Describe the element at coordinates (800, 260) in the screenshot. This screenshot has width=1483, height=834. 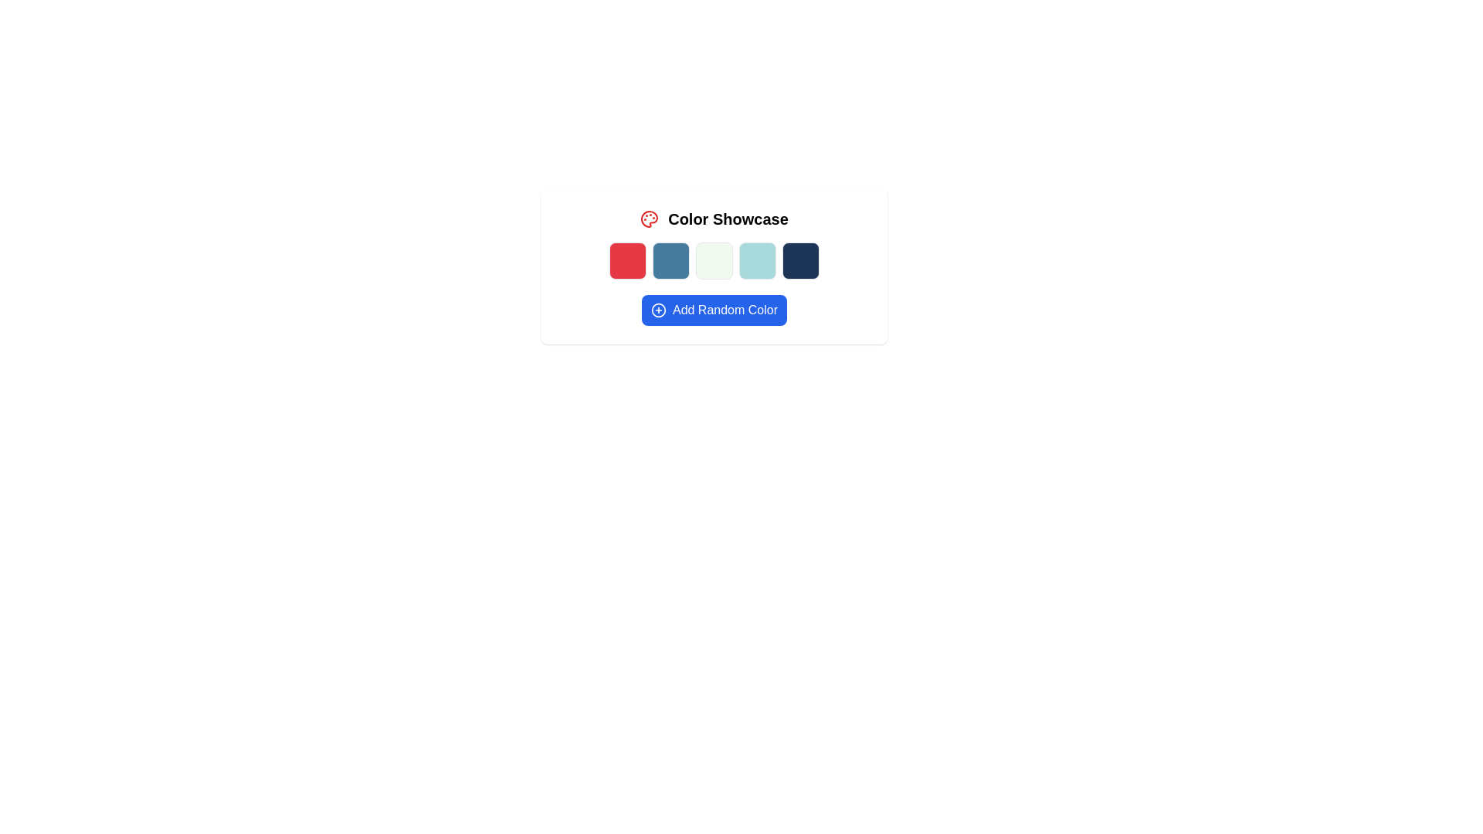
I see `the fifth tile in a horizontal row of tiles, which has a dark blue background and rounded borders` at that location.